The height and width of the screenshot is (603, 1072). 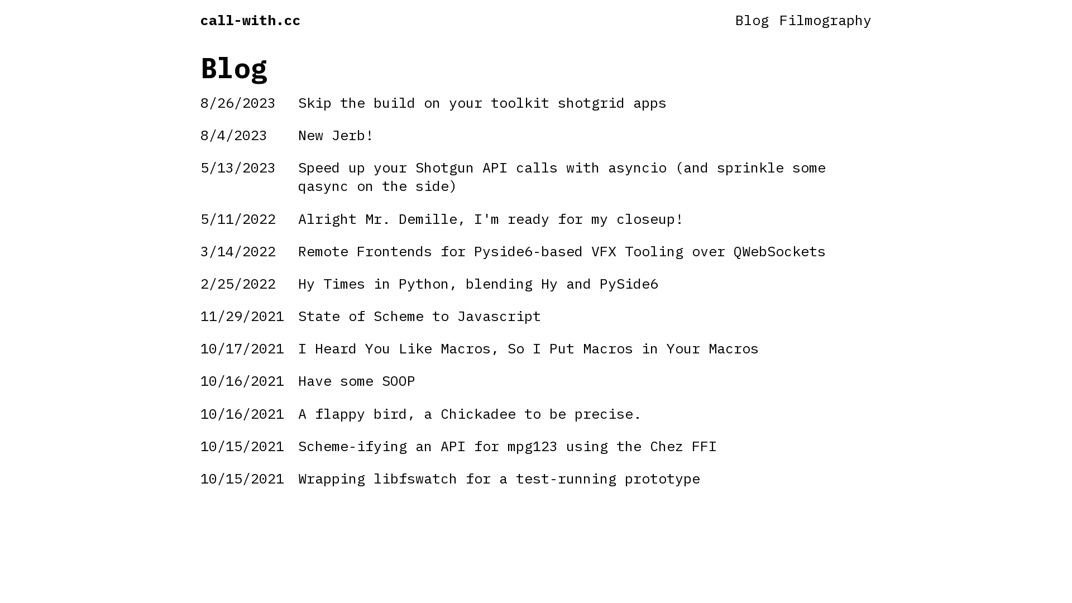 What do you see at coordinates (536, 413) in the screenshot?
I see `'10/16/2021 A flappy bird, a Chickadee to be precise.'` at bounding box center [536, 413].